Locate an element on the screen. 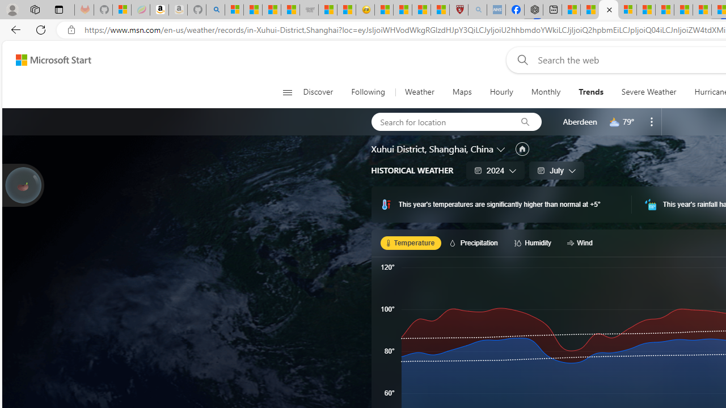 The image size is (726, 408). 'Humidity' is located at coordinates (534, 242).